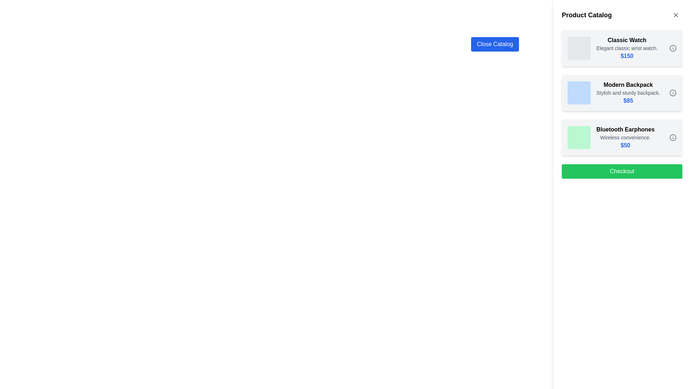 Image resolution: width=691 pixels, height=389 pixels. Describe the element at coordinates (627, 48) in the screenshot. I see `the text element displaying 'Elegant classic wrist watch.' located beneath the title 'Classic Watch' in the product catalog` at that location.